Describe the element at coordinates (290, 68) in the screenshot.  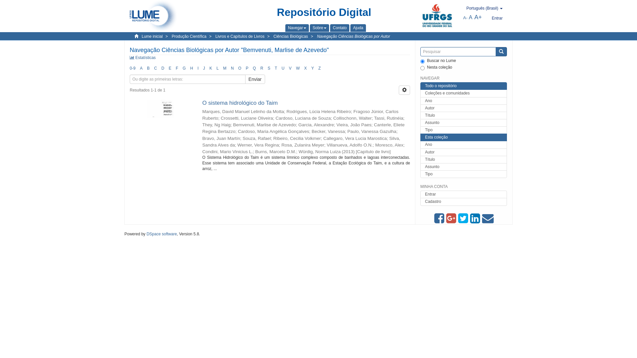
I see `'V'` at that location.